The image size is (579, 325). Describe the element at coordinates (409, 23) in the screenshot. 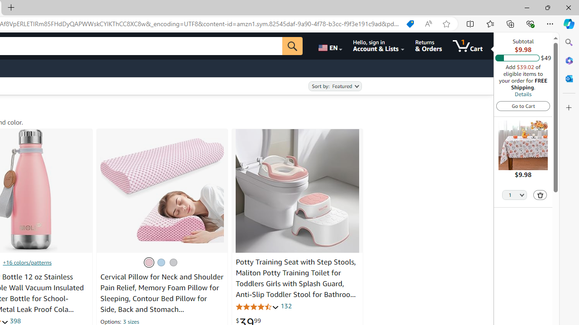

I see `'Shopping in Microsoft Edge'` at that location.